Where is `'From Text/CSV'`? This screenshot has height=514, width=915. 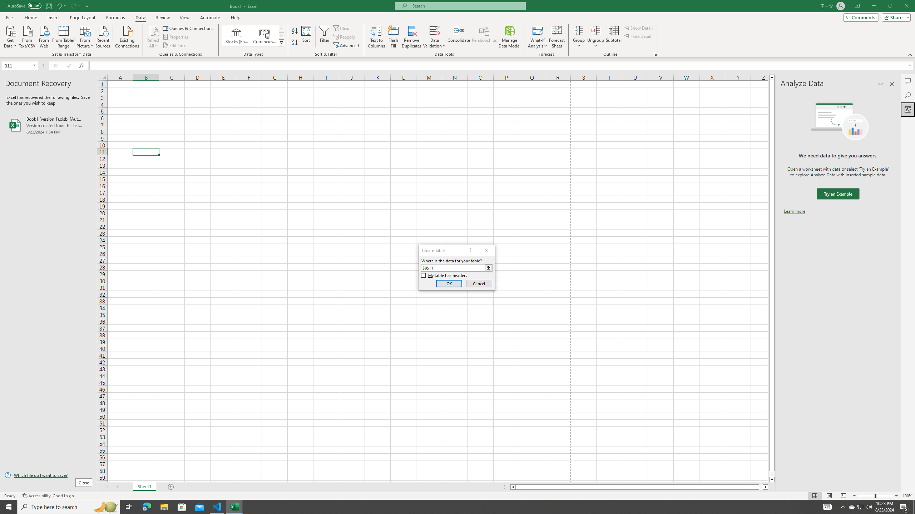 'From Text/CSV' is located at coordinates (27, 36).